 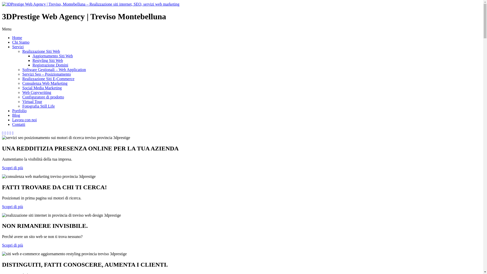 I want to click on 'Fotografia Still Life', so click(x=38, y=106).